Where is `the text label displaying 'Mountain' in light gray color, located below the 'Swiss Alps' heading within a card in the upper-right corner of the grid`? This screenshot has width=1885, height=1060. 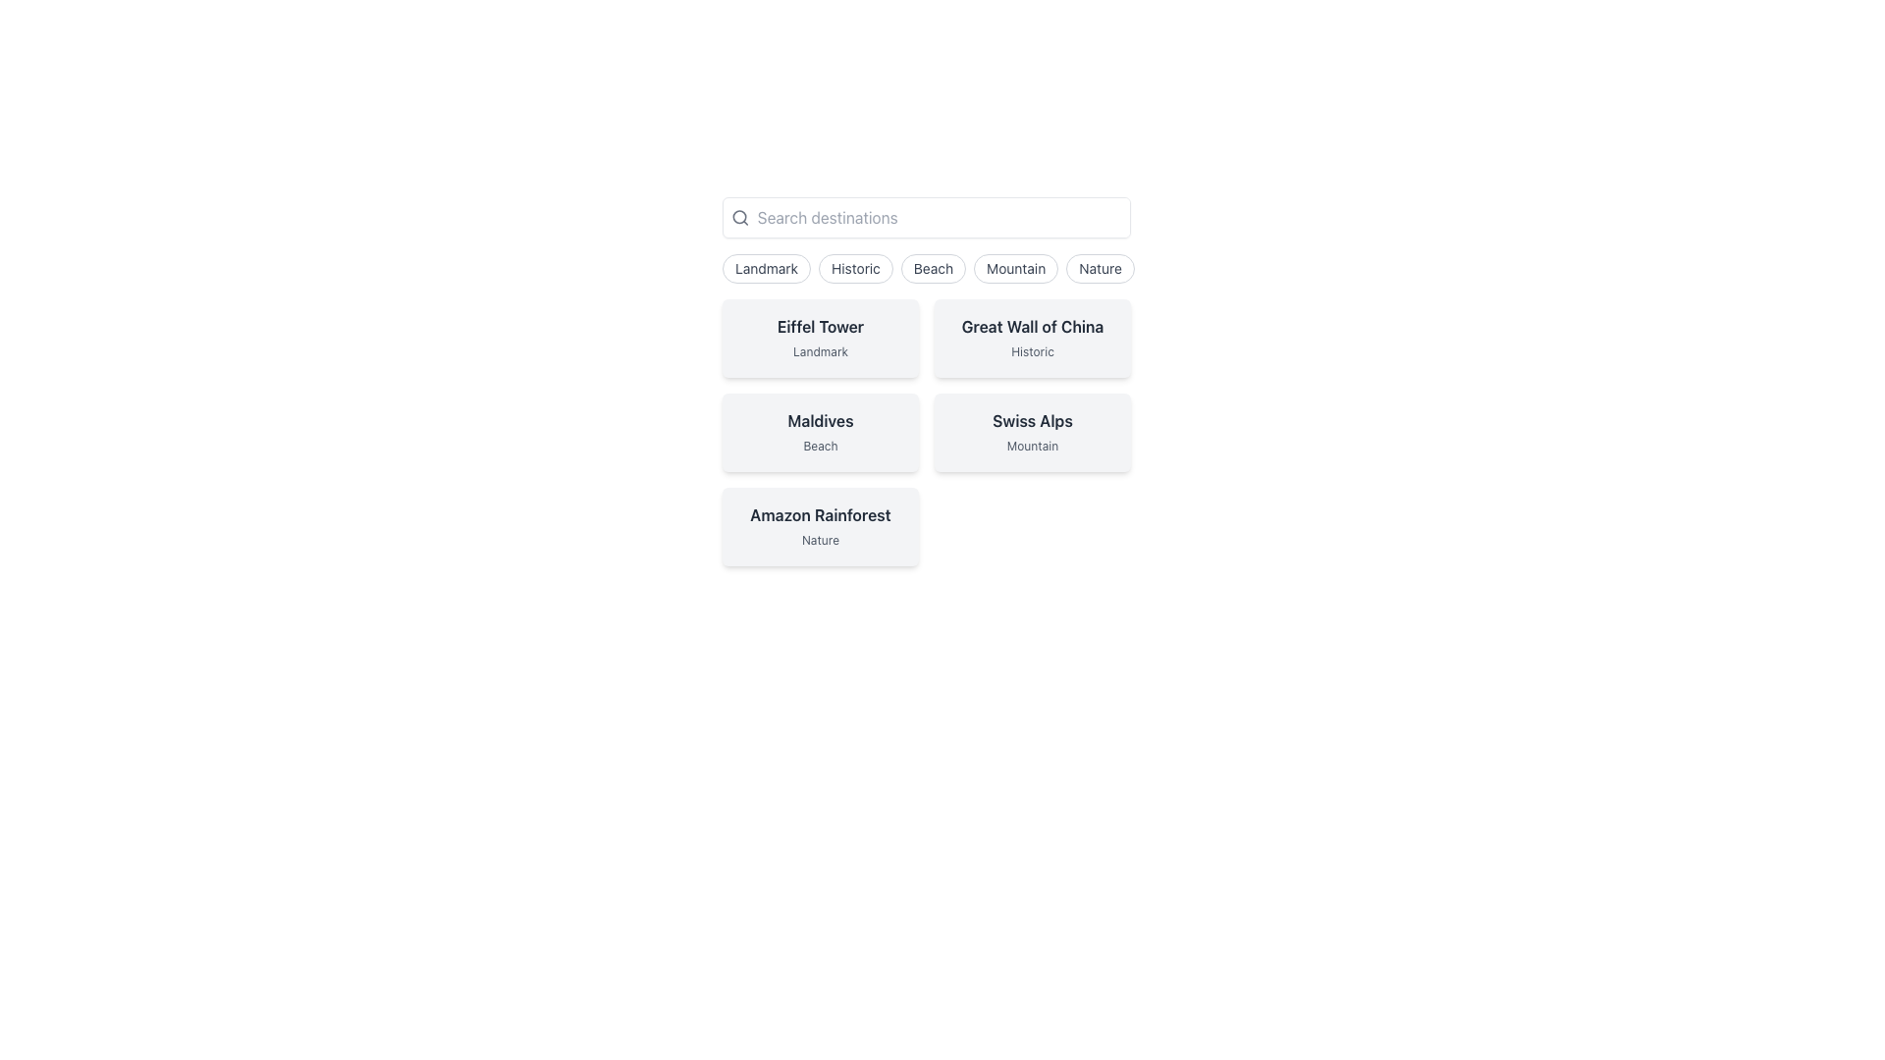
the text label displaying 'Mountain' in light gray color, located below the 'Swiss Alps' heading within a card in the upper-right corner of the grid is located at coordinates (1031, 446).